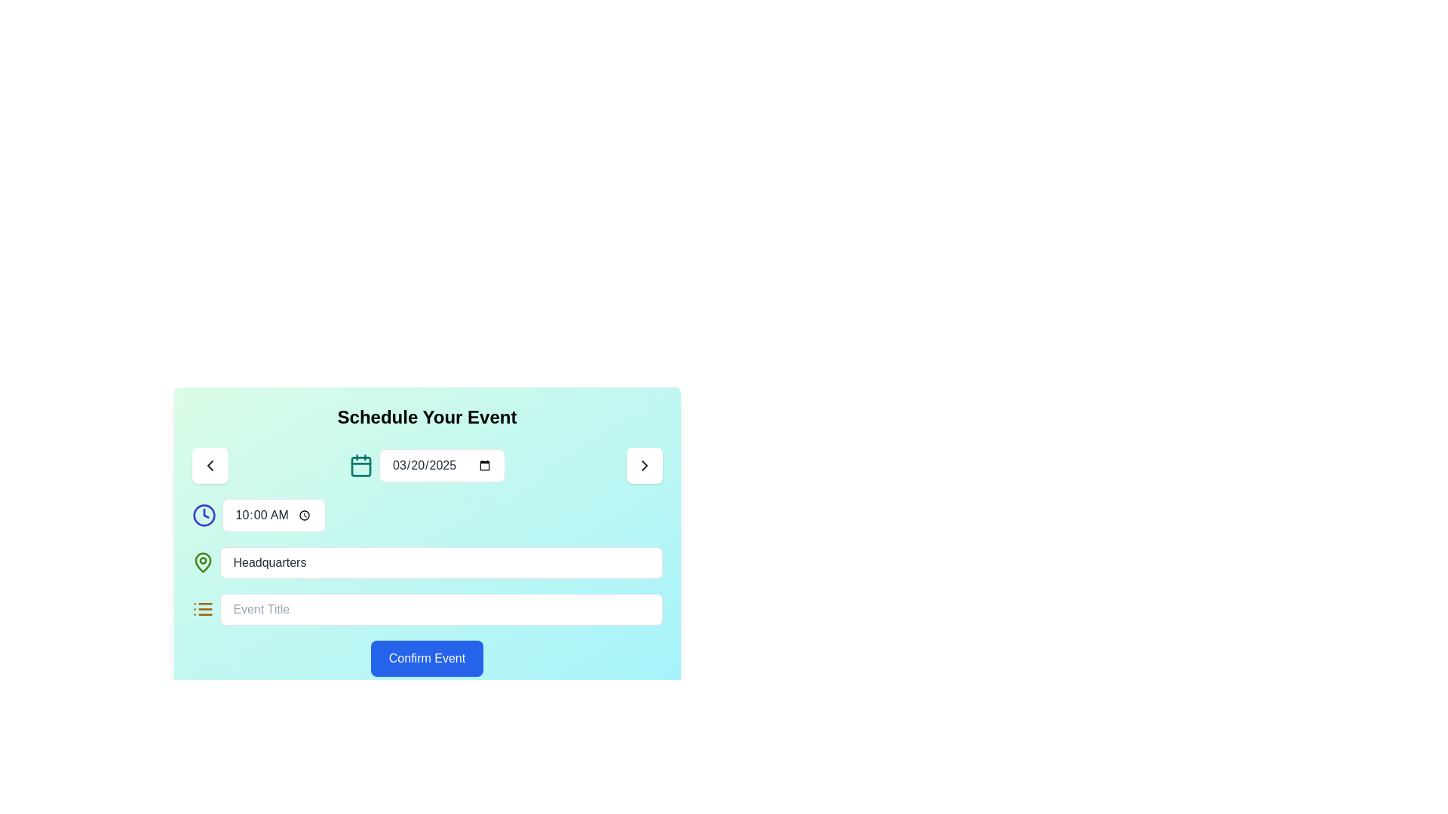 The width and height of the screenshot is (1448, 814). Describe the element at coordinates (426, 658) in the screenshot. I see `the blue 'Confirm Event' button with rounded corners located at the bottom of the 'Schedule Your Event' panel` at that location.